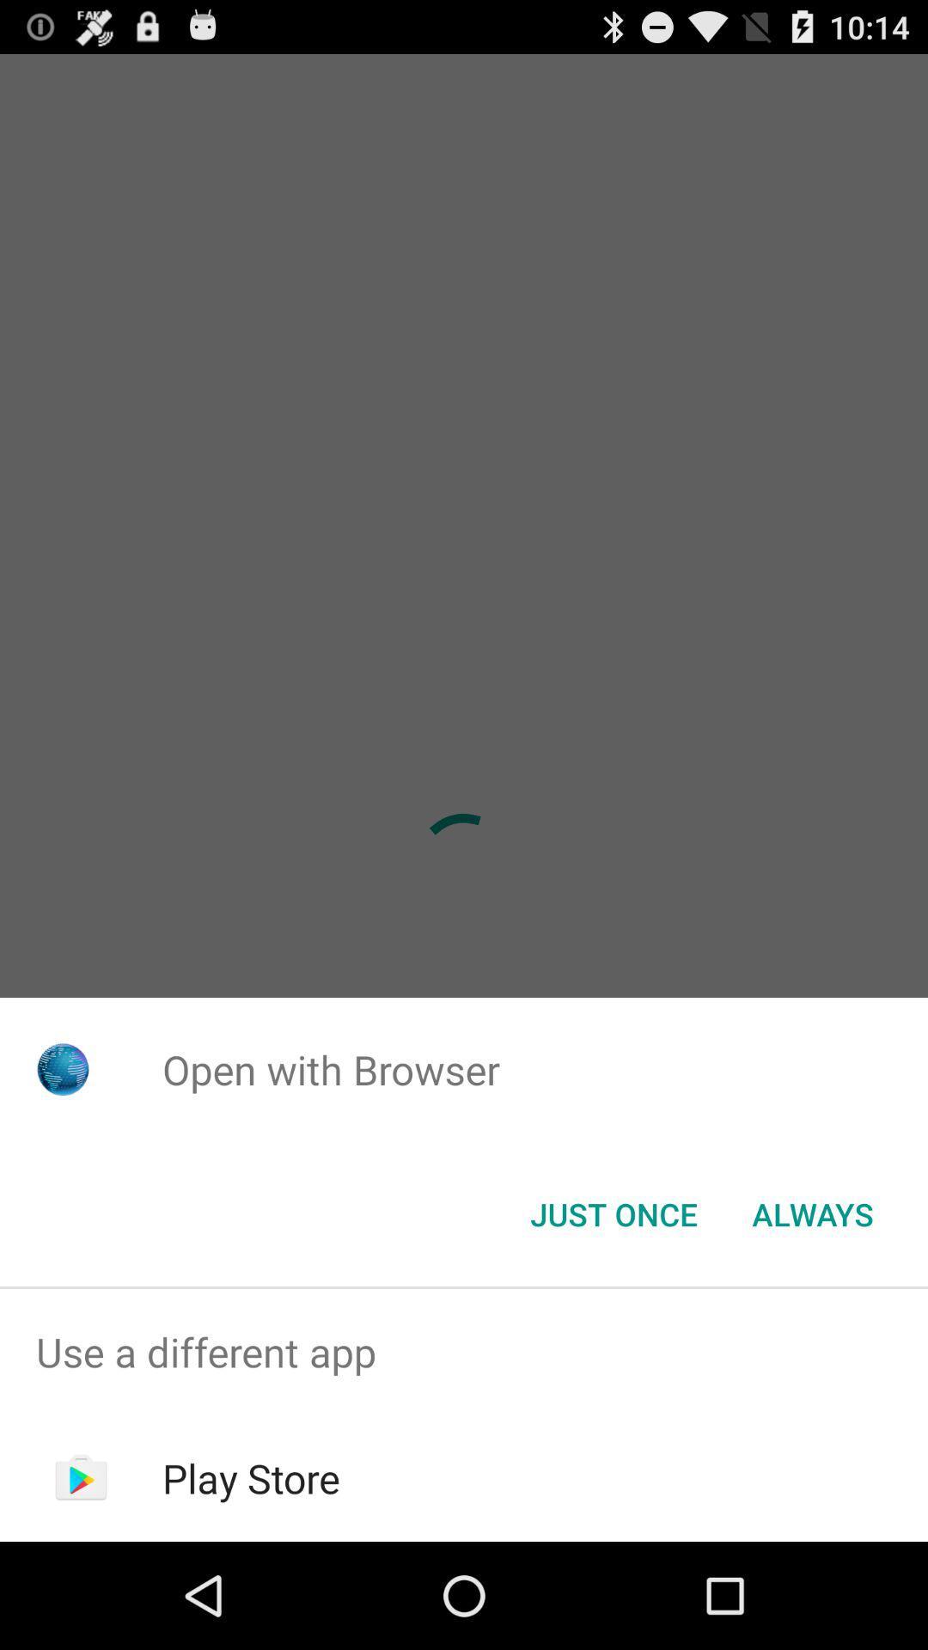 The height and width of the screenshot is (1650, 928). Describe the element at coordinates (613, 1213) in the screenshot. I see `item to the left of the always` at that location.